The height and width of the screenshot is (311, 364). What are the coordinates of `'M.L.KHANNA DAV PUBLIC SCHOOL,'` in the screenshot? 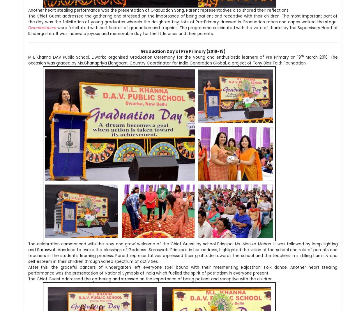 It's located at (57, 214).